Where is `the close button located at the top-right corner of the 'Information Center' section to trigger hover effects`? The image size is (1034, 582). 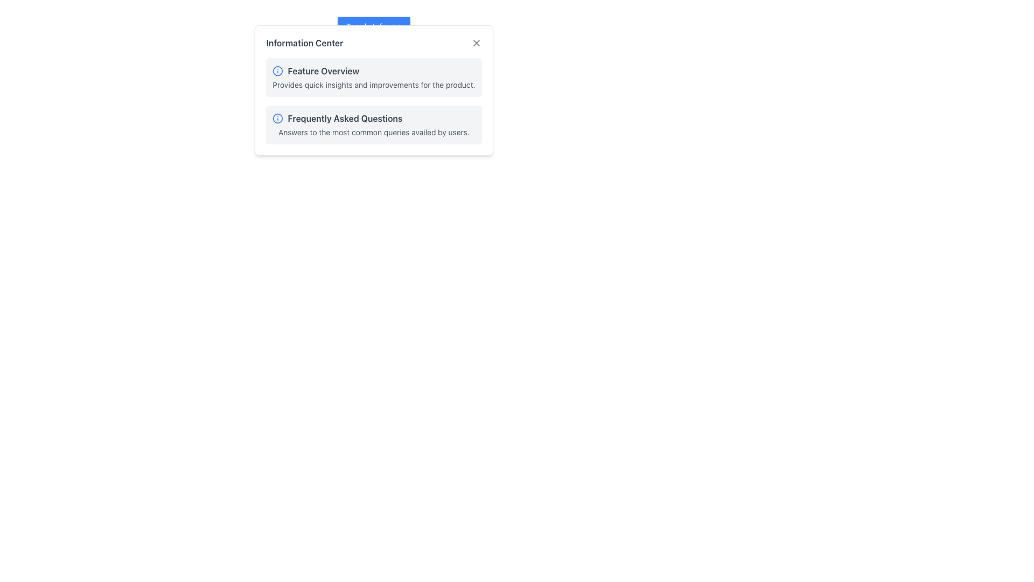
the close button located at the top-right corner of the 'Information Center' section to trigger hover effects is located at coordinates (476, 43).